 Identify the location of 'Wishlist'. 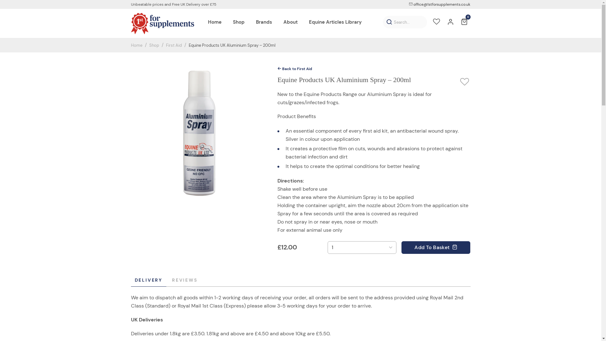
(436, 22).